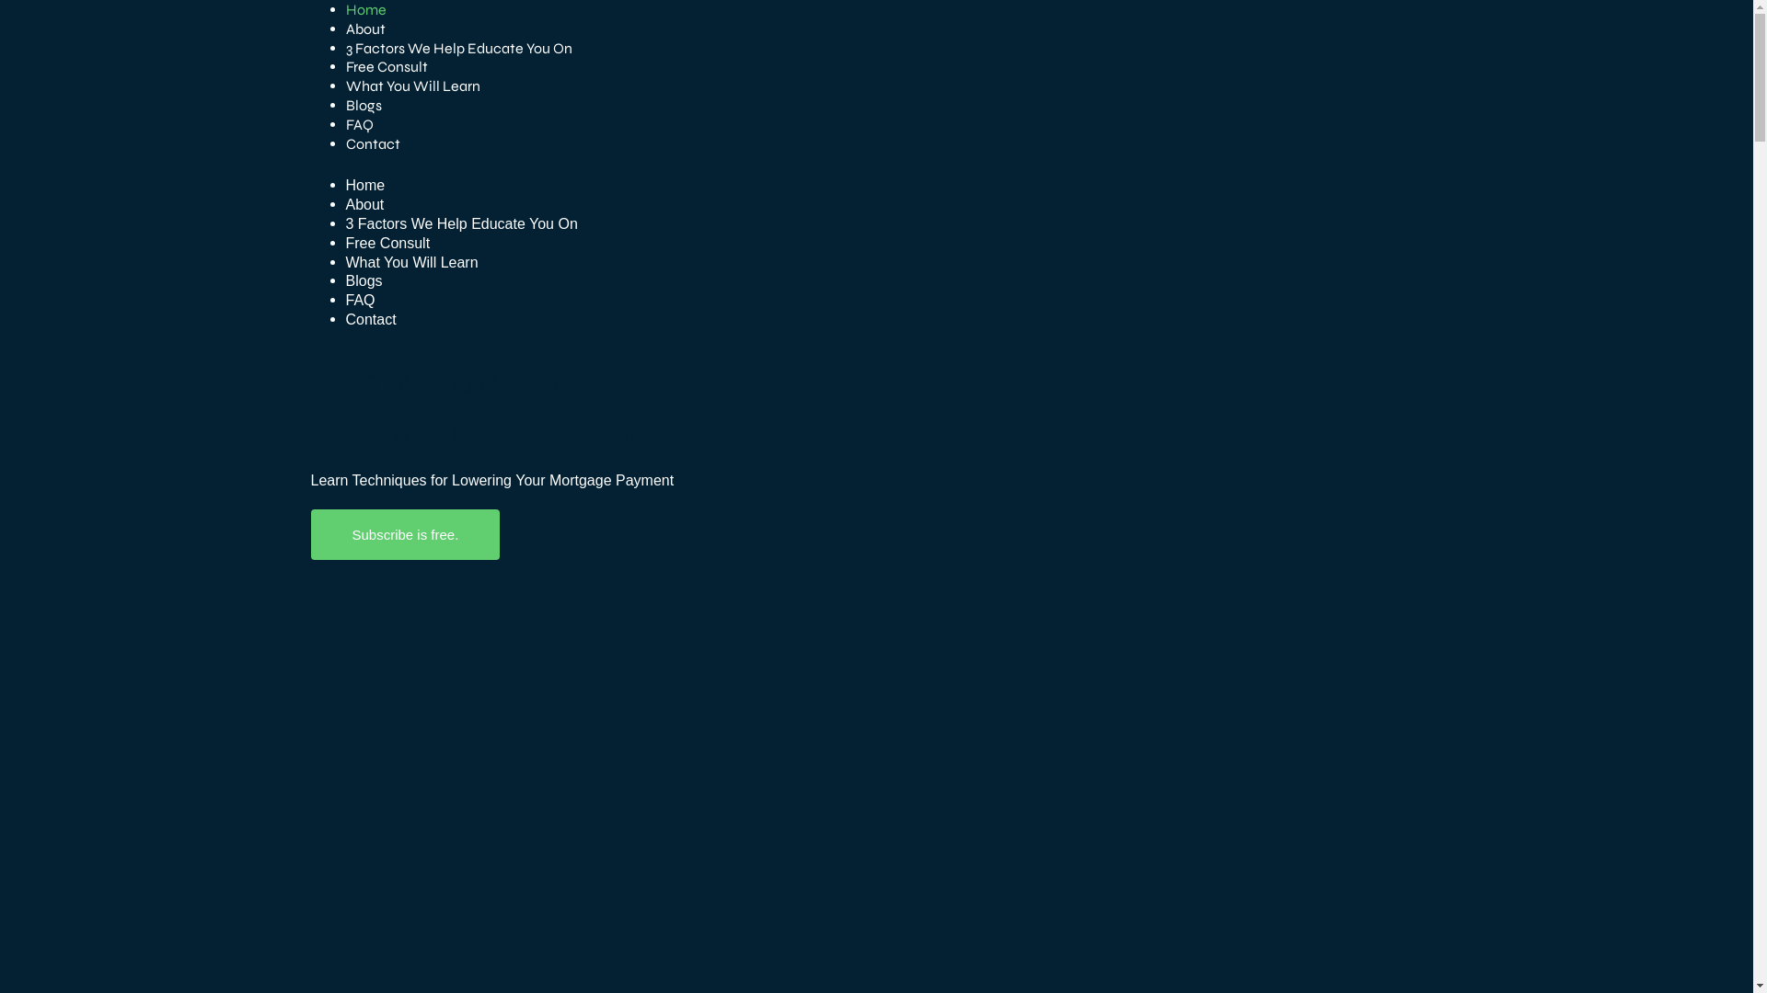  What do you see at coordinates (345, 143) in the screenshot?
I see `'Contact'` at bounding box center [345, 143].